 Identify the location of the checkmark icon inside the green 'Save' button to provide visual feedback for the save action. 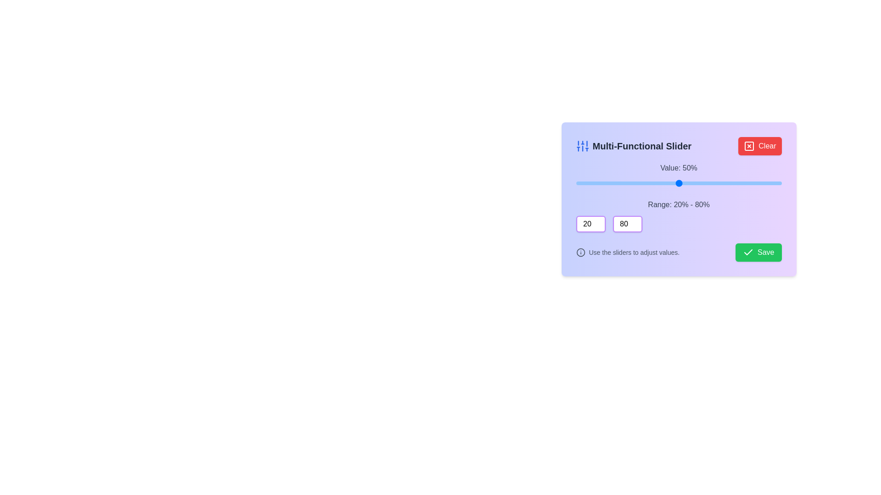
(748, 252).